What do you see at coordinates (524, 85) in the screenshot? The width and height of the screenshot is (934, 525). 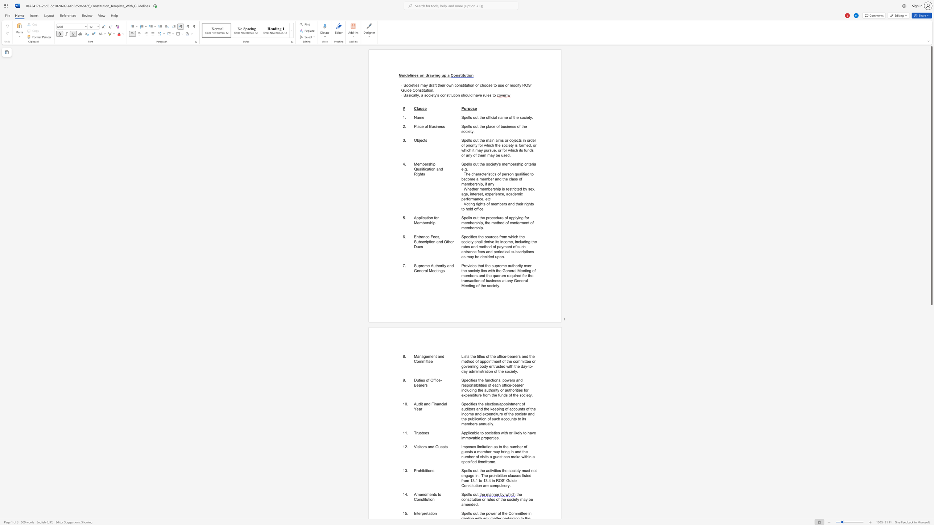 I see `the 1th character "R" in the text` at bounding box center [524, 85].